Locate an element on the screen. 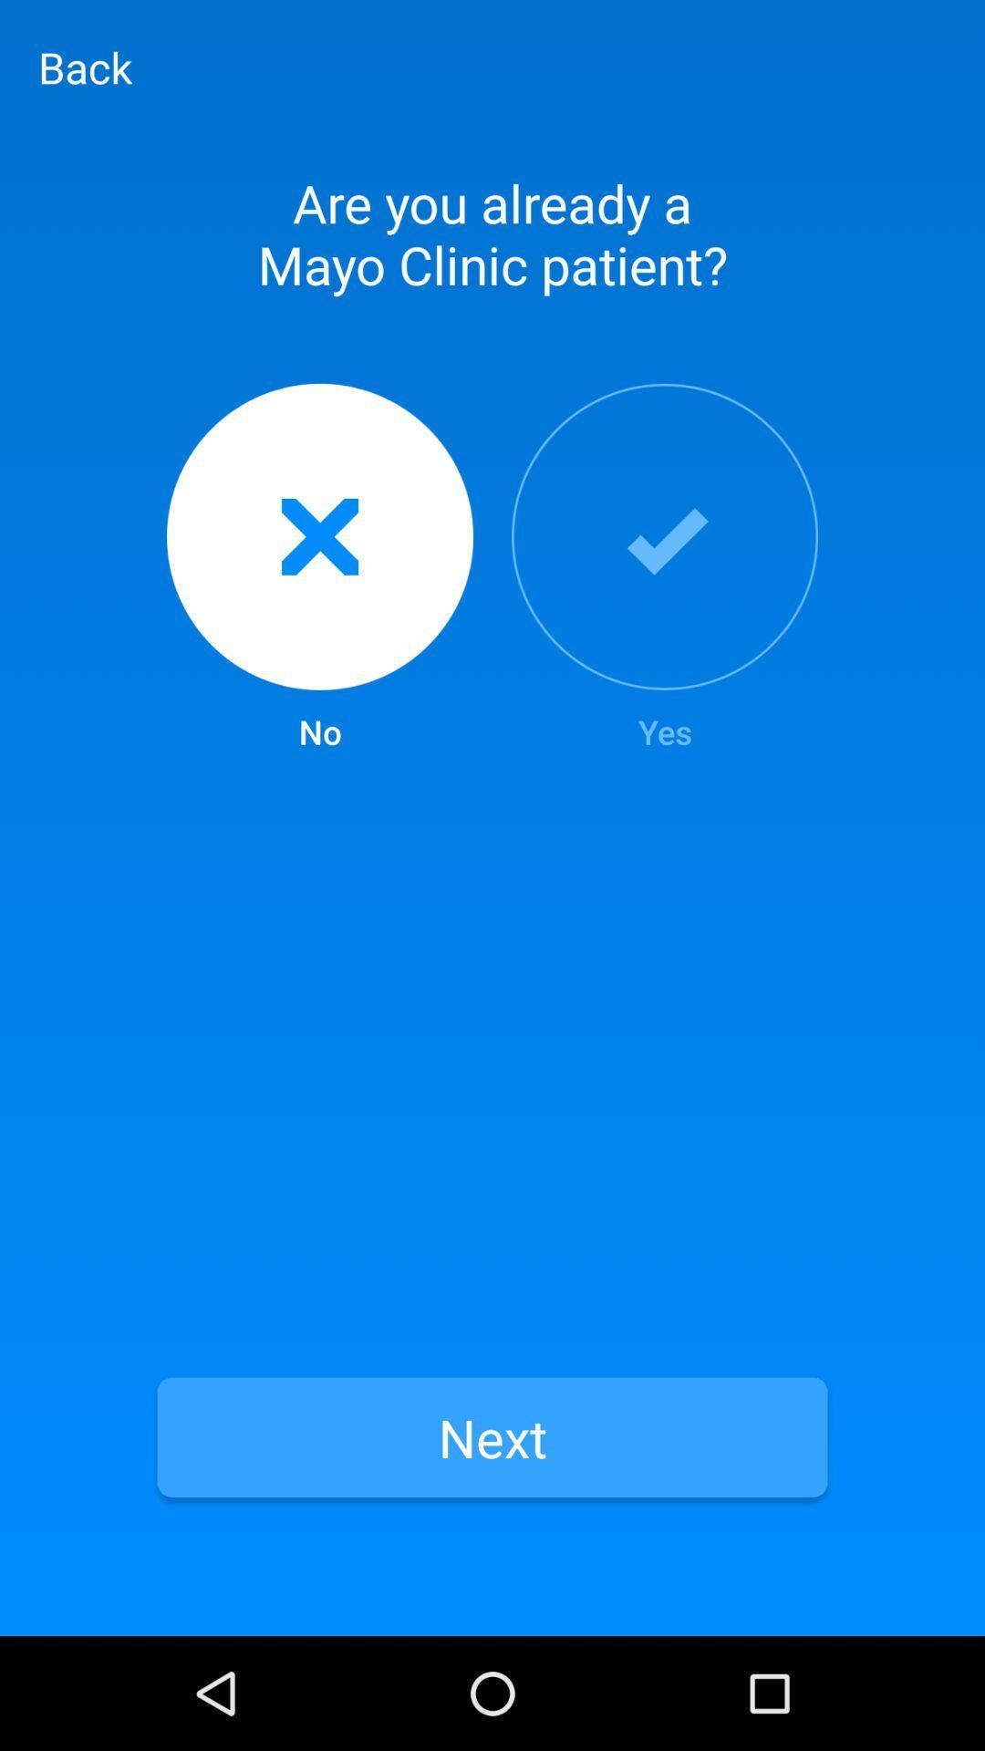 The image size is (985, 1751). icon to the right of no item is located at coordinates (665, 568).